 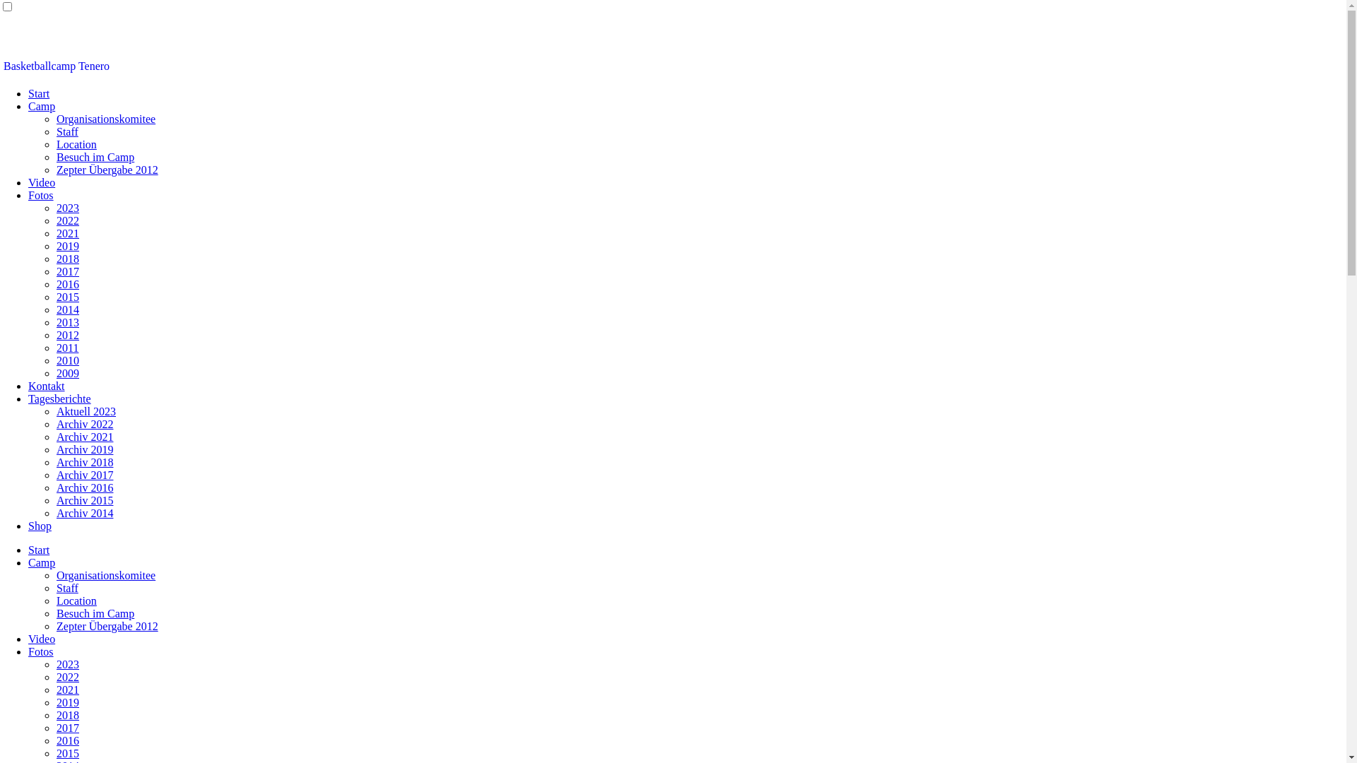 What do you see at coordinates (28, 93) in the screenshot?
I see `'Start'` at bounding box center [28, 93].